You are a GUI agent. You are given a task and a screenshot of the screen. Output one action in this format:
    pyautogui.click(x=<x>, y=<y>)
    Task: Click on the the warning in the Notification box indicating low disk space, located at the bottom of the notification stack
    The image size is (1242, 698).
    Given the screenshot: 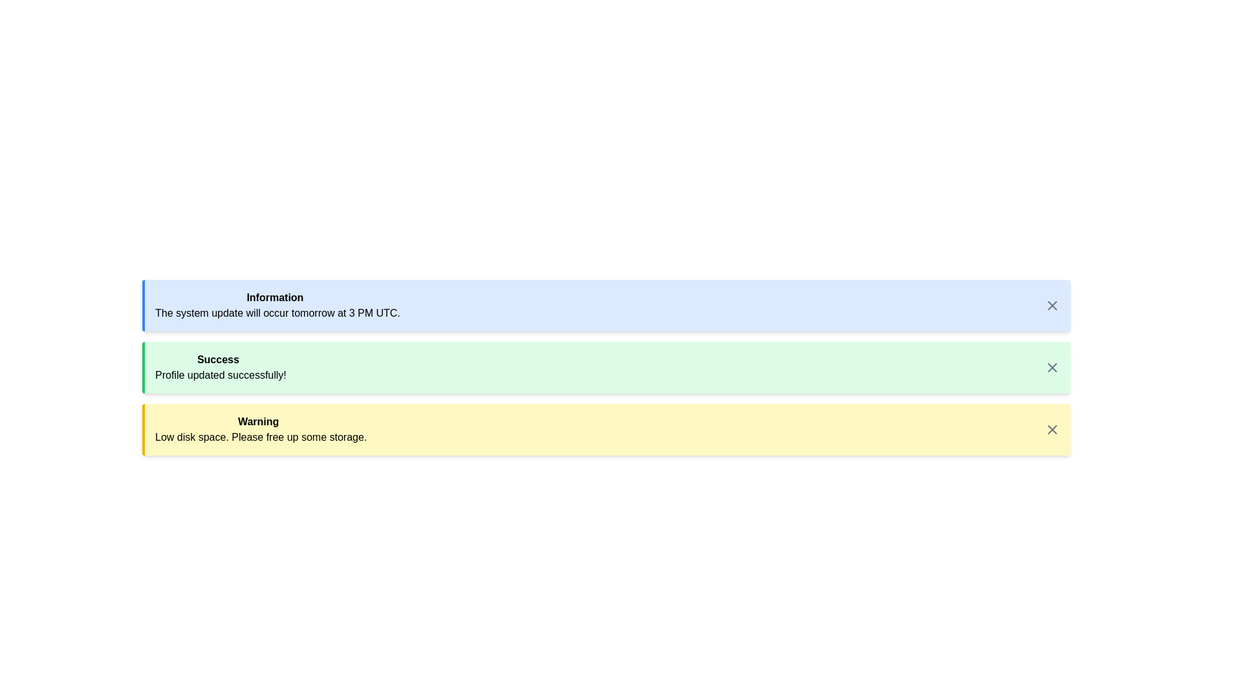 What is the action you would take?
    pyautogui.click(x=605, y=429)
    